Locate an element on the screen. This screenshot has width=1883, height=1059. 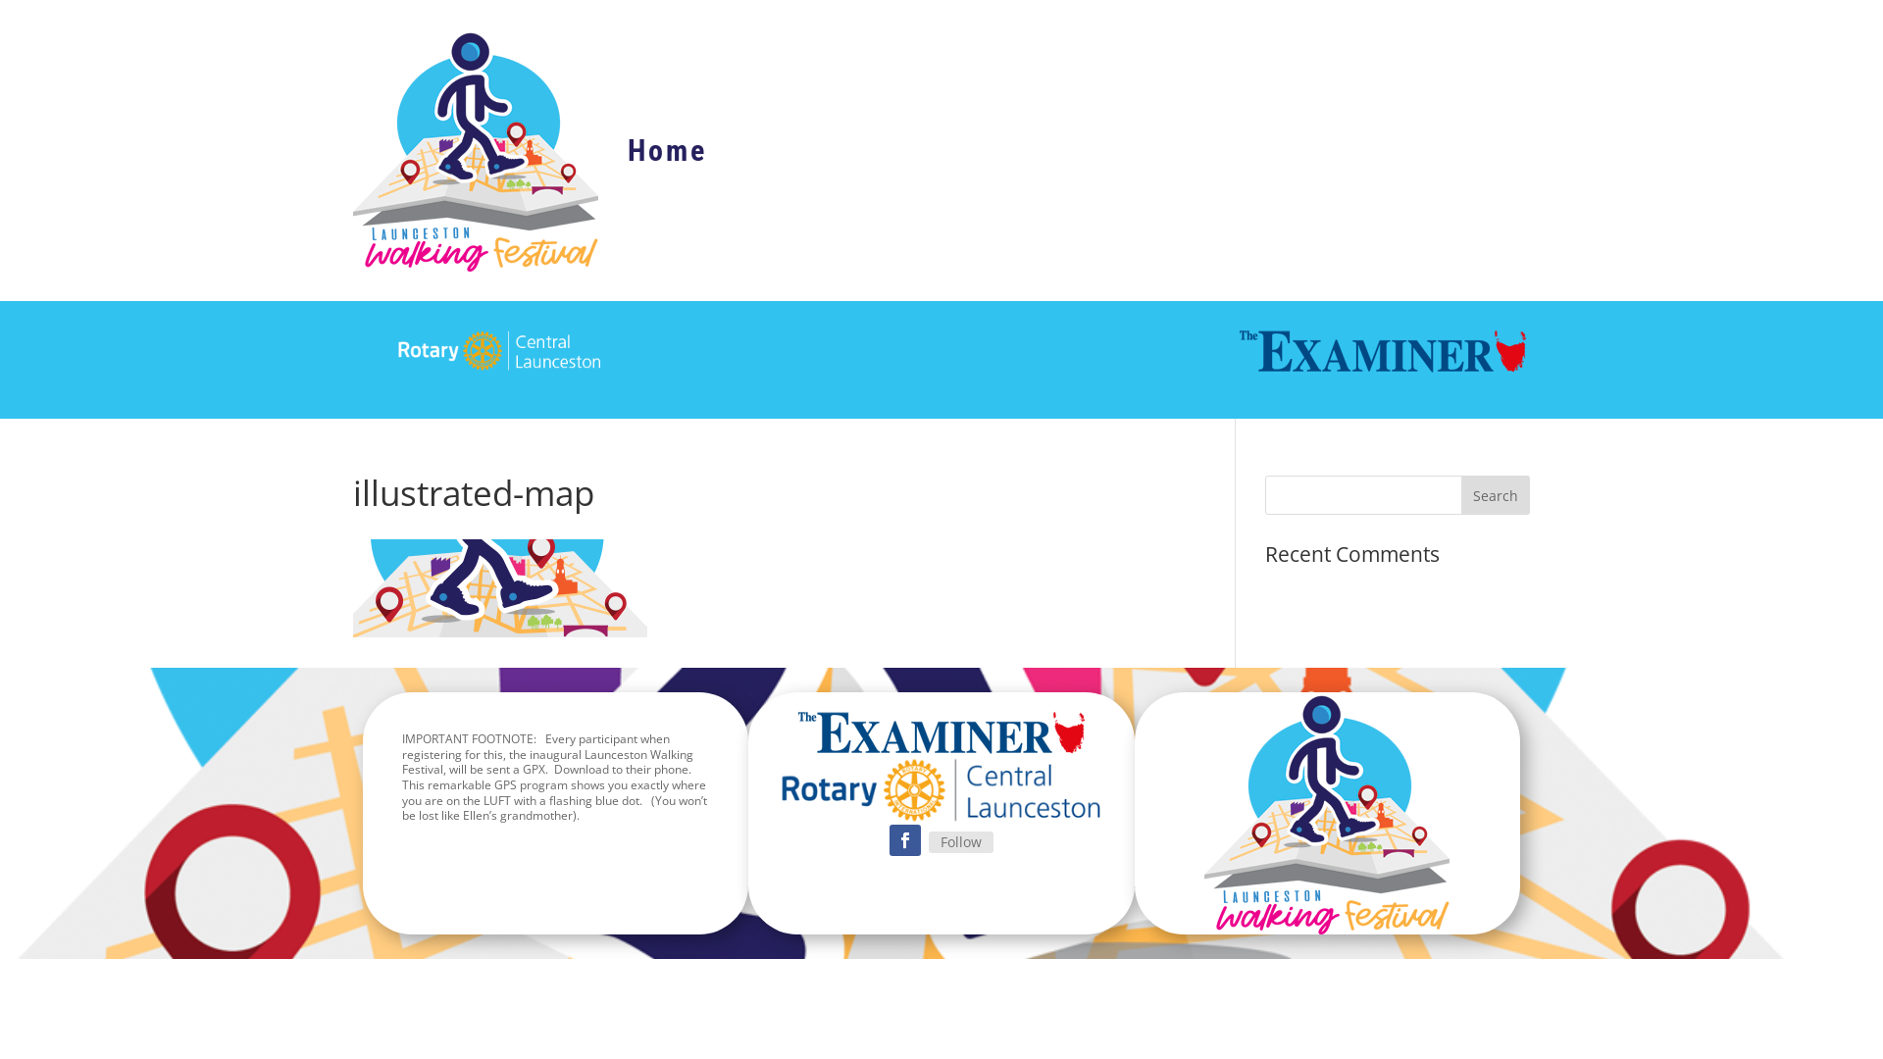
'Search' is located at coordinates (1495, 494).